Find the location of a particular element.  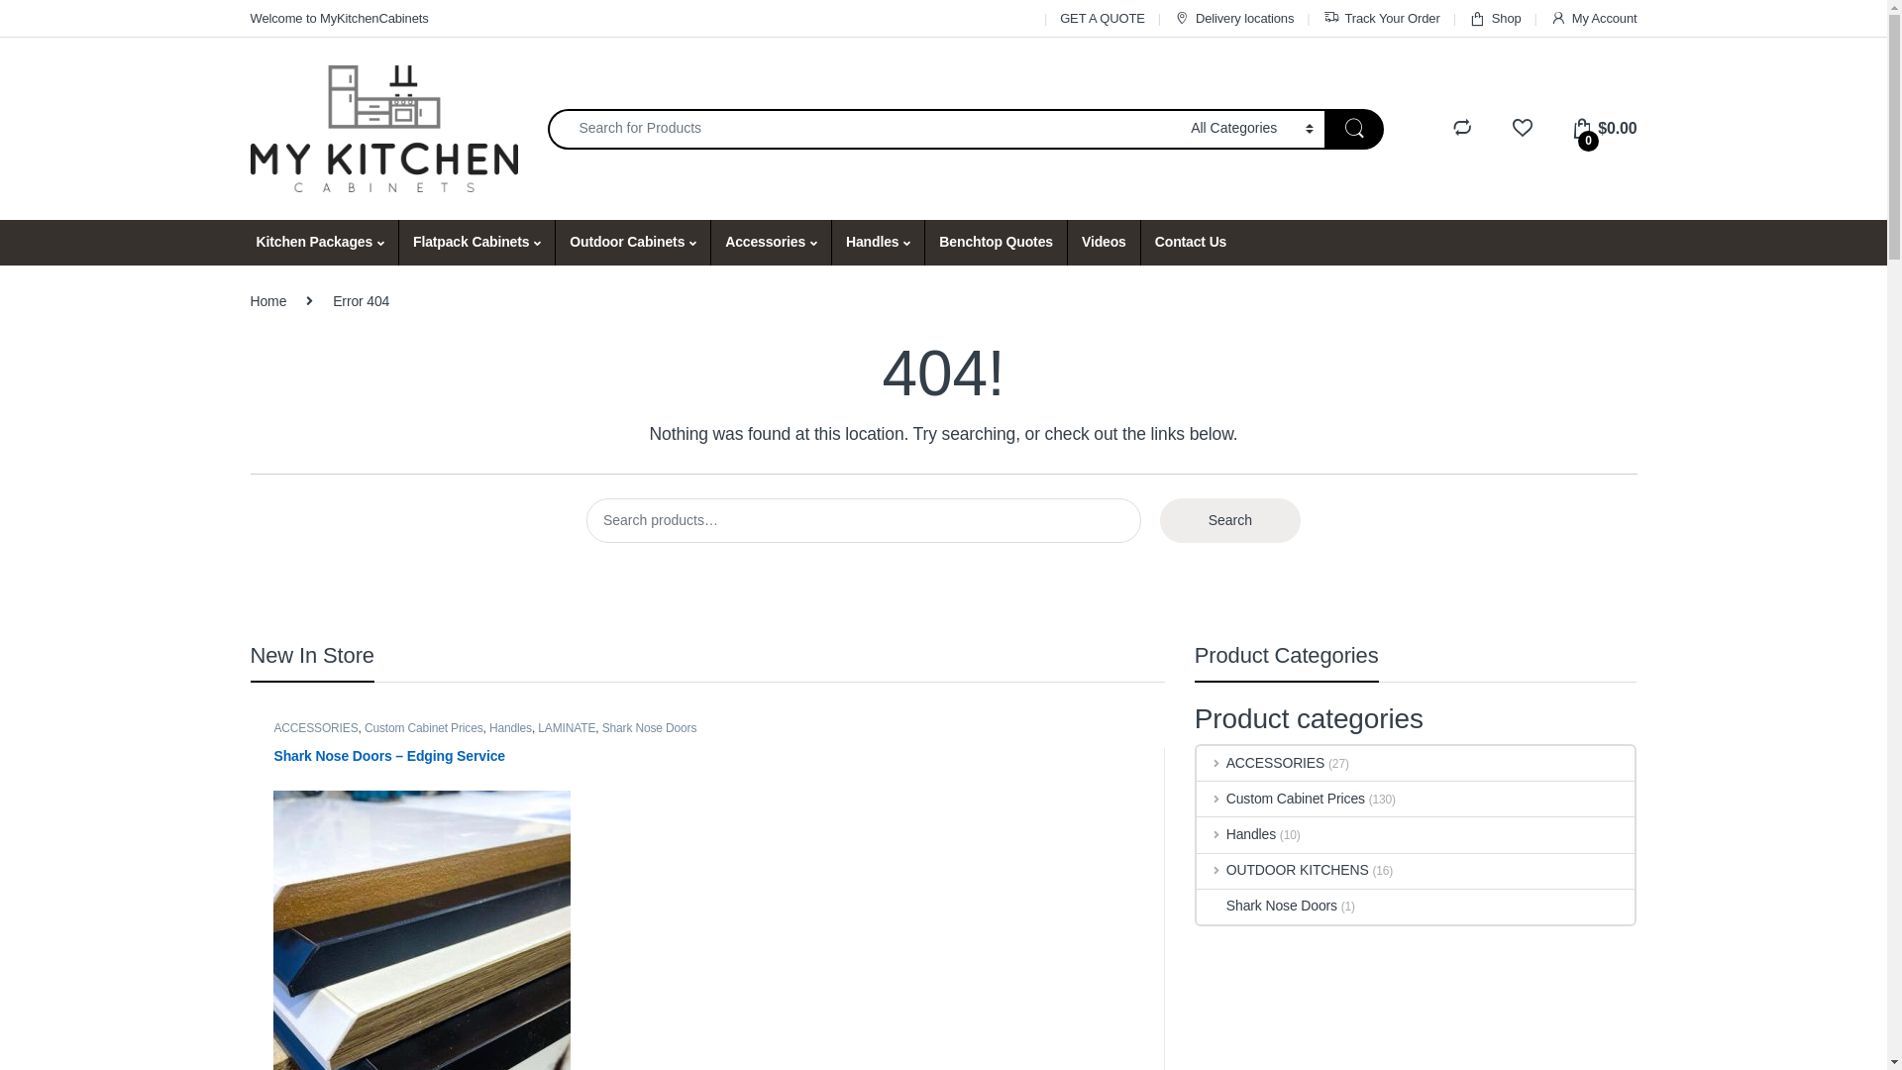

'Outdoor Cabinets' is located at coordinates (555, 242).